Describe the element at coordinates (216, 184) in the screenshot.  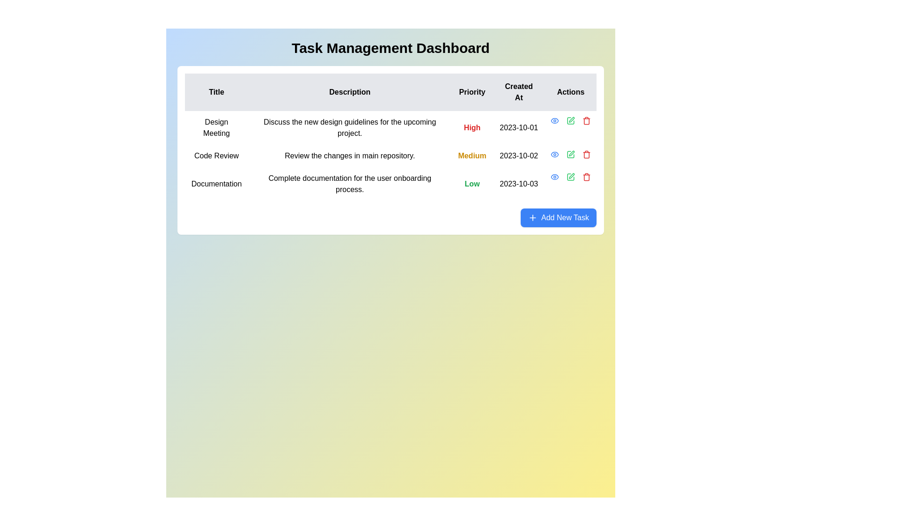
I see `text 'Documentation' from the Text label located in the 'Title' column of the third row in the table` at that location.